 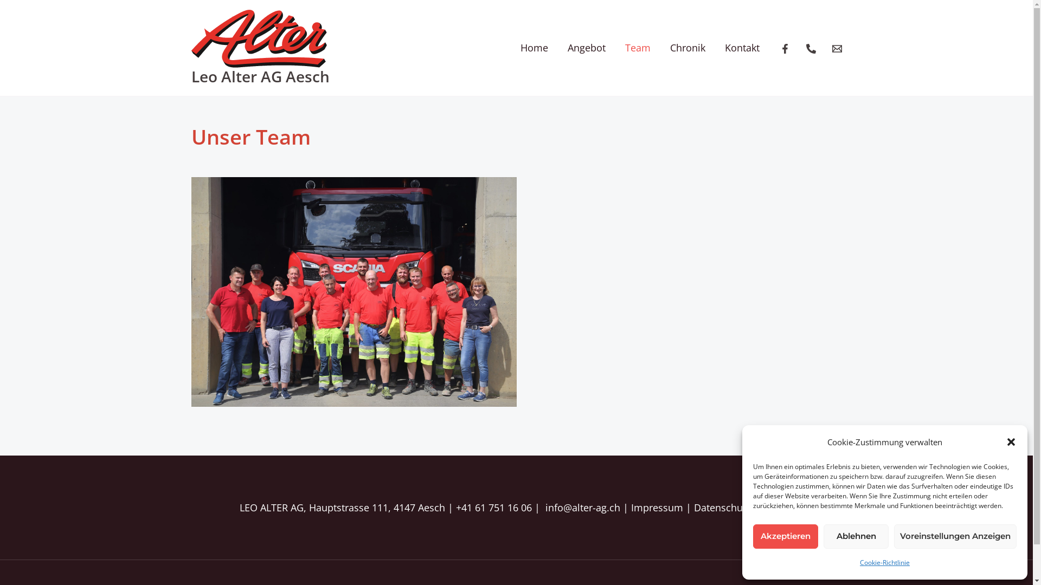 What do you see at coordinates (557, 47) in the screenshot?
I see `'Angebot'` at bounding box center [557, 47].